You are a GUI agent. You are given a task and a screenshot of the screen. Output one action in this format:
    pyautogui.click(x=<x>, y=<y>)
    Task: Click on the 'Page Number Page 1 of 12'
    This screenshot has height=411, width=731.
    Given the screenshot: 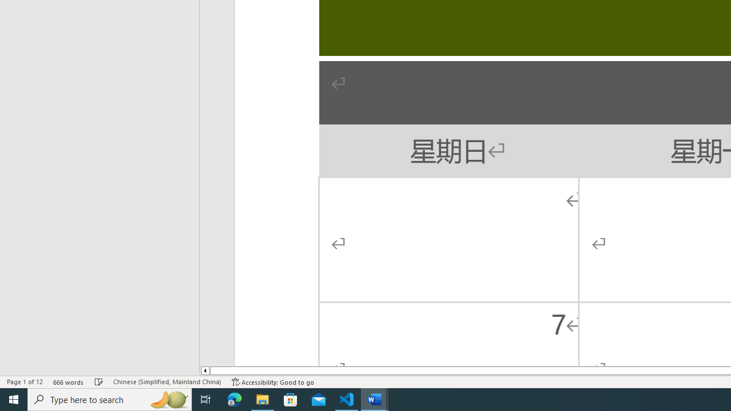 What is the action you would take?
    pyautogui.click(x=25, y=382)
    